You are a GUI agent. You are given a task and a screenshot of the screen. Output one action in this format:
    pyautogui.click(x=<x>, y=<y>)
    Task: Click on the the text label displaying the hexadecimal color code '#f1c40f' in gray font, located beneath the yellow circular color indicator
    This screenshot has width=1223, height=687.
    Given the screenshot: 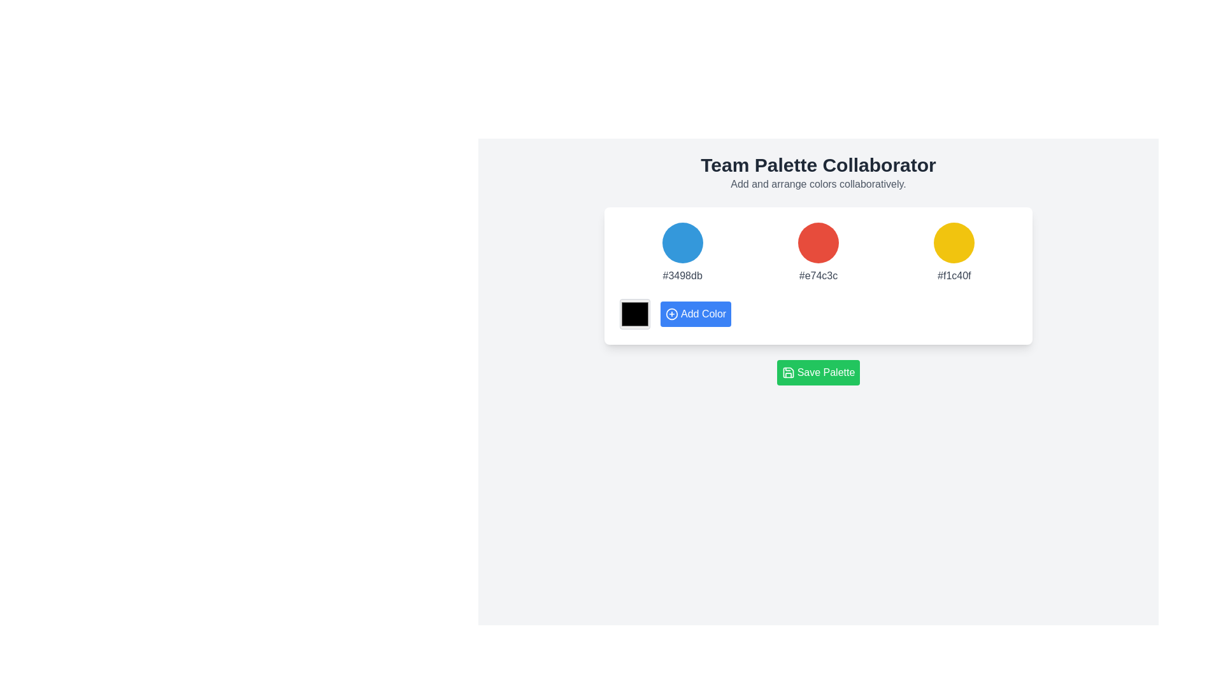 What is the action you would take?
    pyautogui.click(x=954, y=275)
    